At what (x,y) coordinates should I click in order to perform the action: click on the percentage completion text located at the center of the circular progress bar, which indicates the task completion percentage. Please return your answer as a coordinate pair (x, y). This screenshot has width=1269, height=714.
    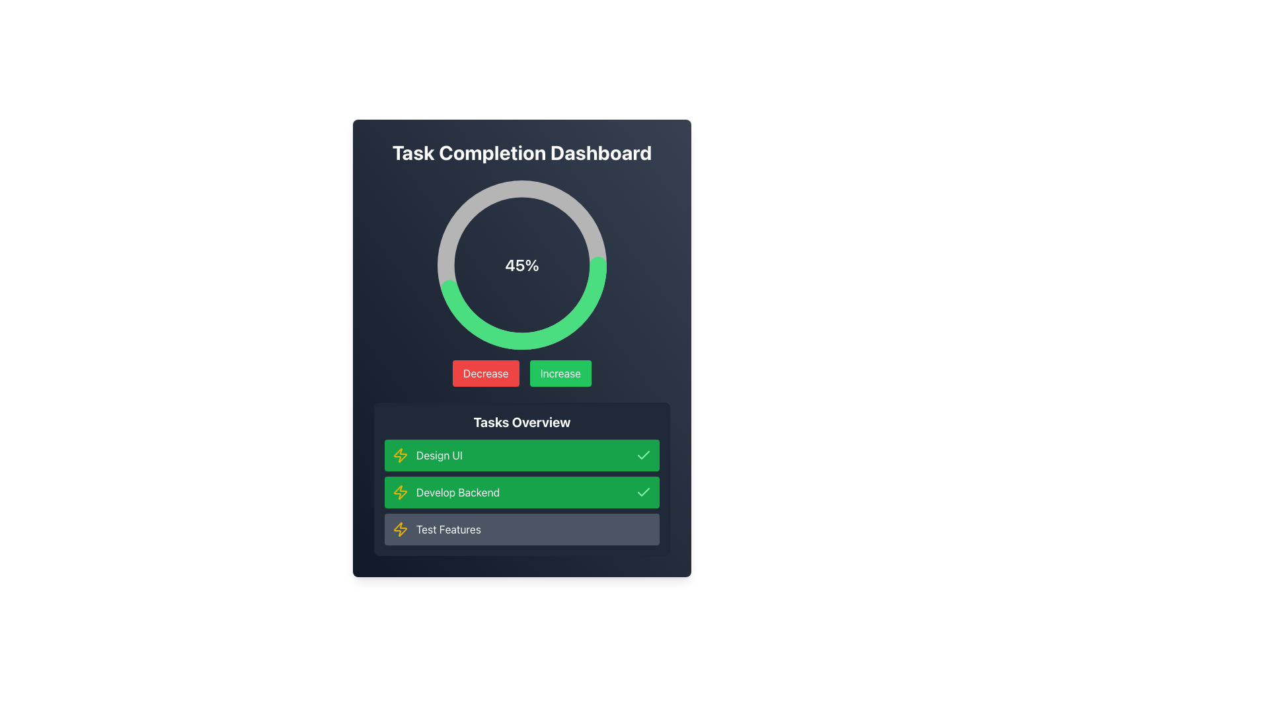
    Looking at the image, I should click on (521, 265).